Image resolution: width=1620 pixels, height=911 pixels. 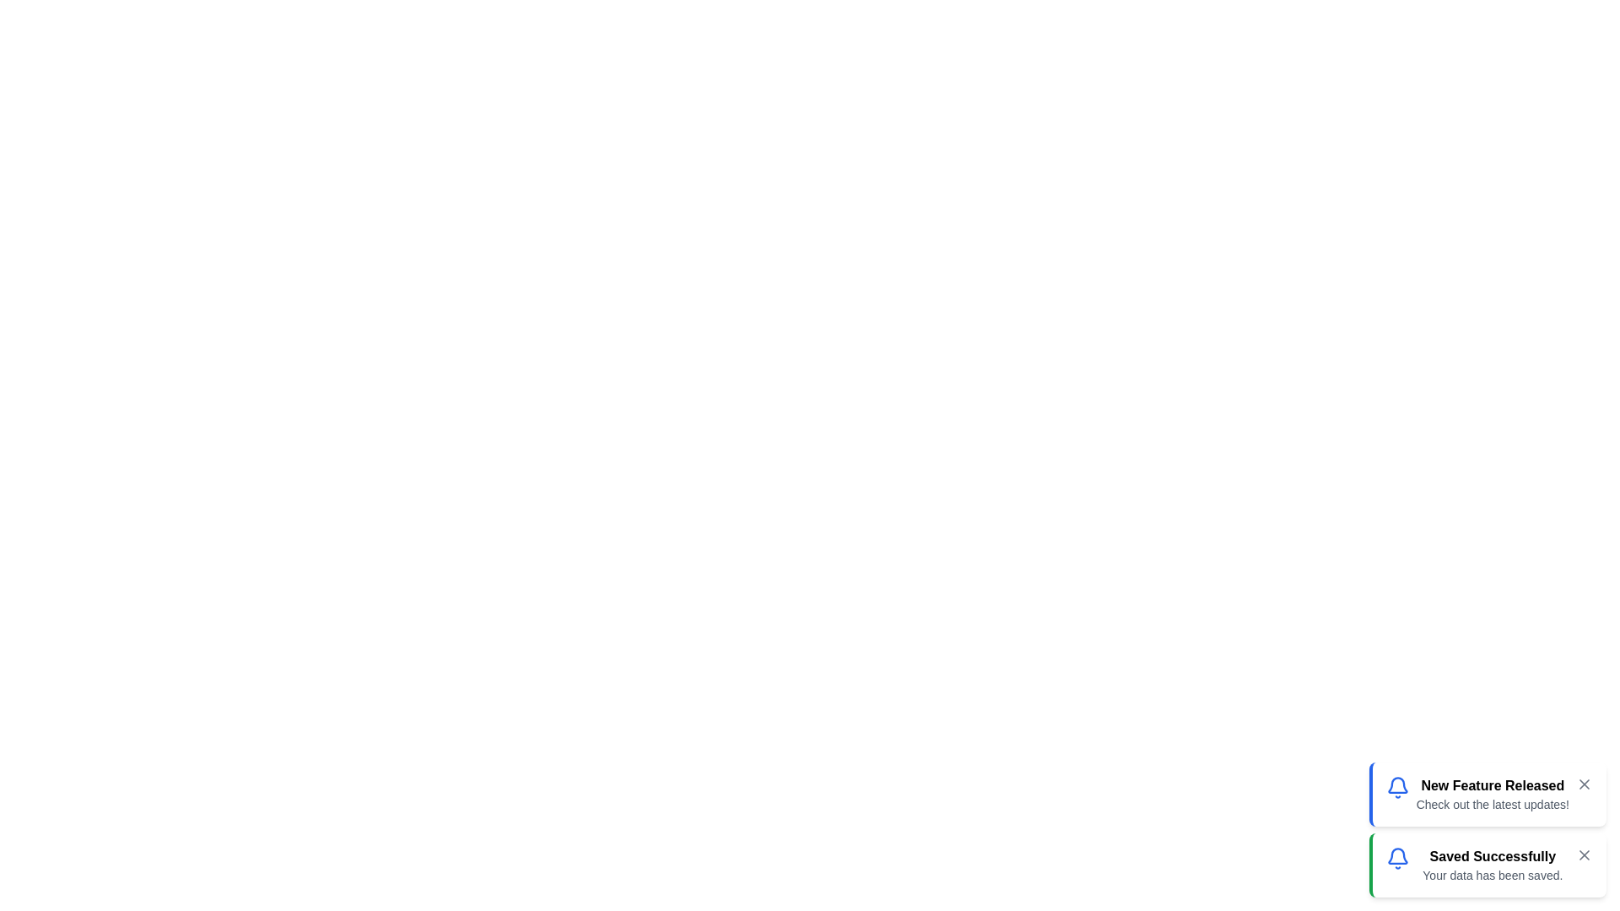 I want to click on the static text label displaying 'Saved Successfully' which is positioned in the notification box at the bottom-right area of the interface, so click(x=1493, y=856).